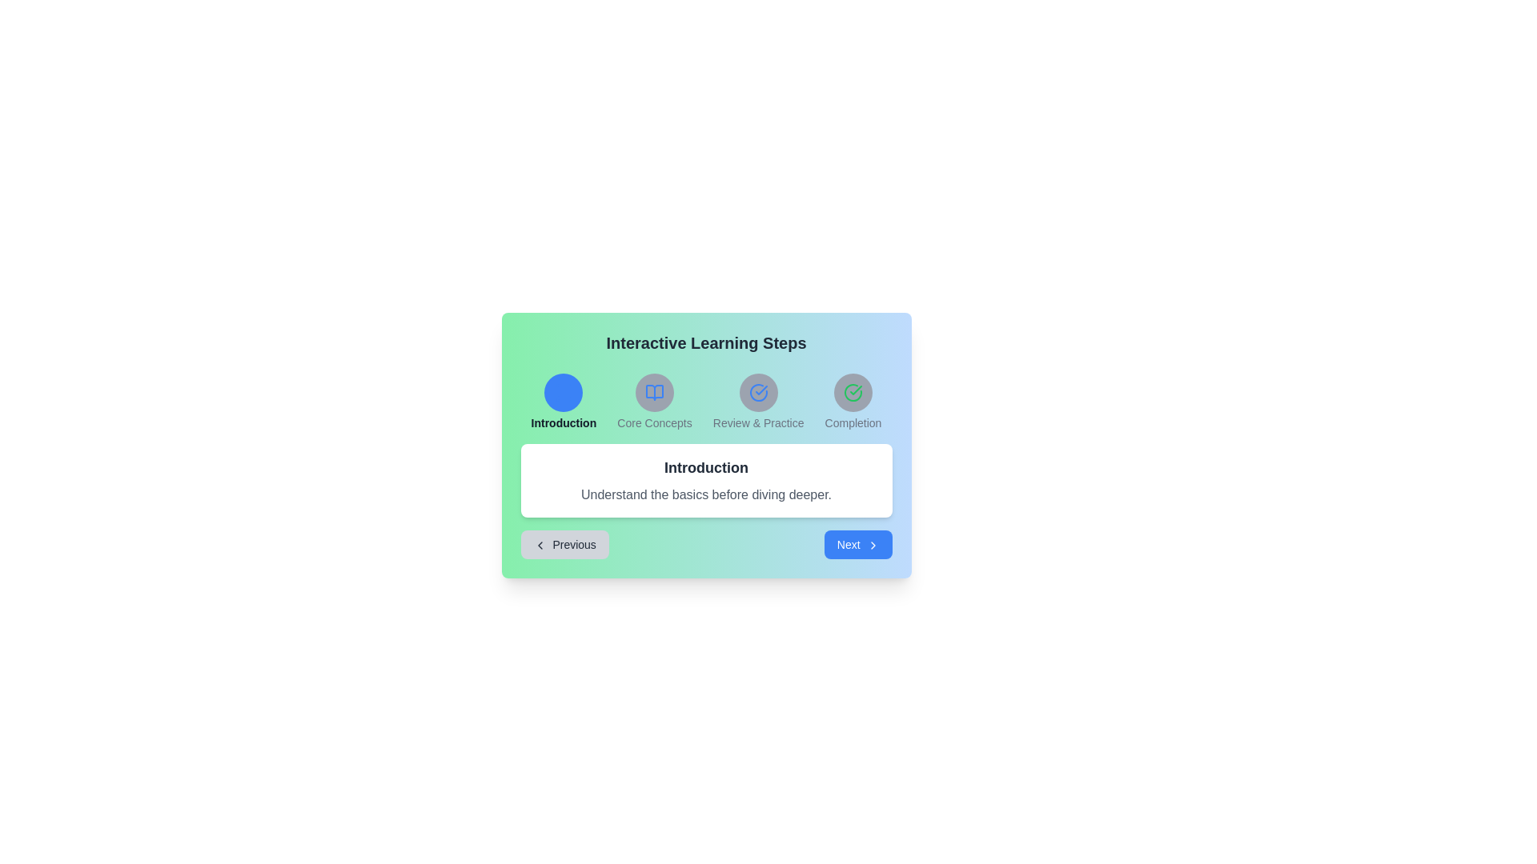  Describe the element at coordinates (705, 401) in the screenshot. I see `labels of the Progress Indicator with Labels to understand the stages of the learning process` at that location.